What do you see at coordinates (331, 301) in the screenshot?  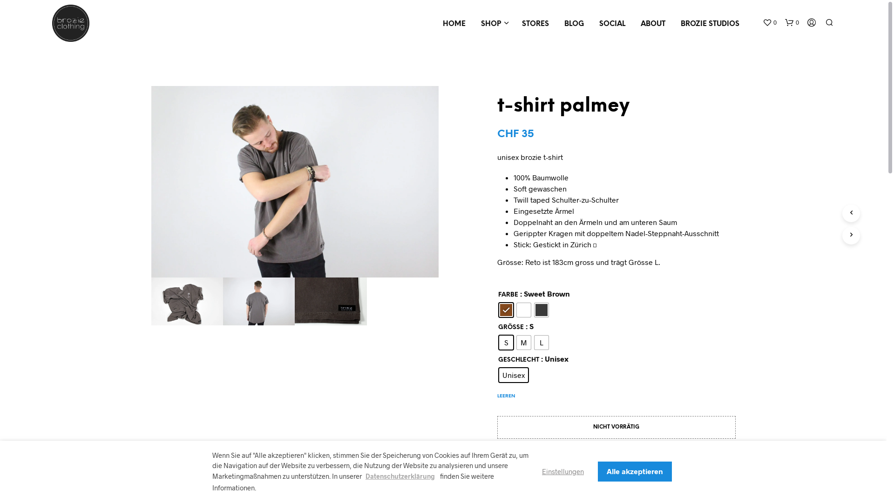 I see `'palmey brown 4'` at bounding box center [331, 301].